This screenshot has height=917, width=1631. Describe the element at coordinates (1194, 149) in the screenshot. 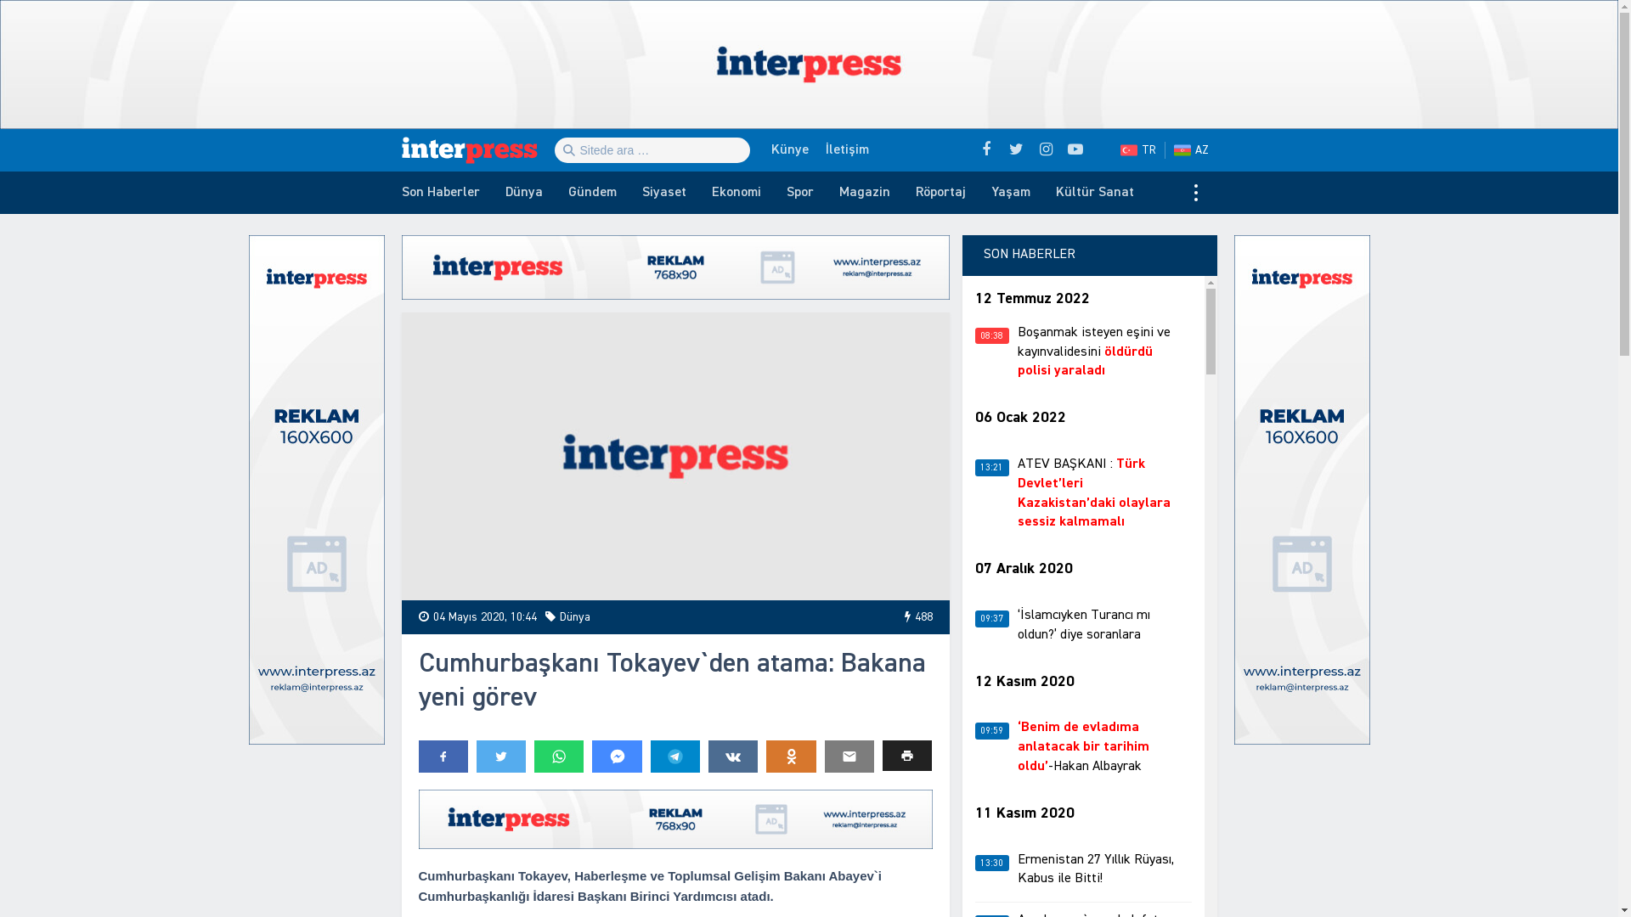

I see `'AZ'` at that location.